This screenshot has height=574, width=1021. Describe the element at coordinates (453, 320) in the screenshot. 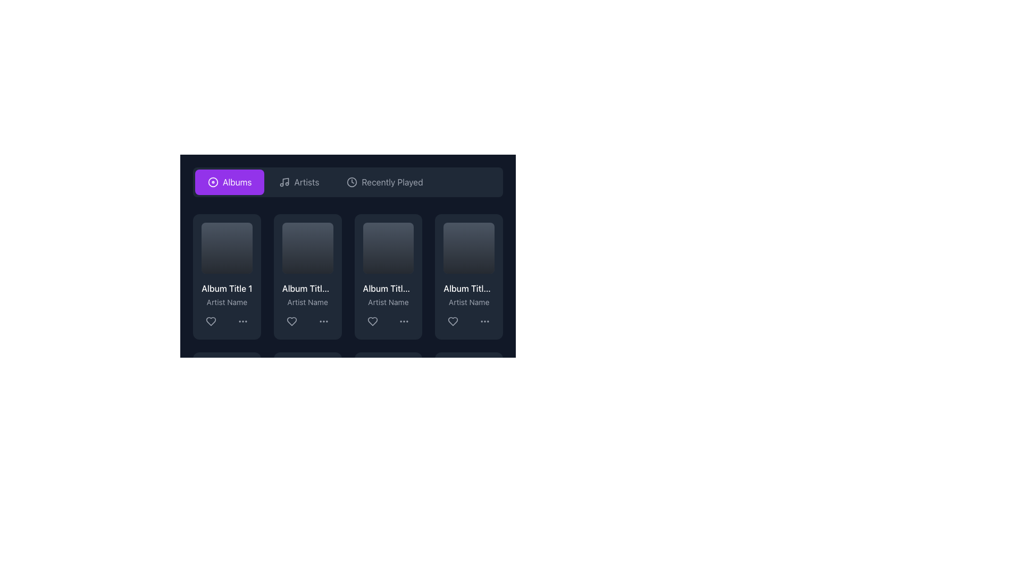

I see `the heart icon located in the fourth album card from the left to indicate preference or like` at that location.